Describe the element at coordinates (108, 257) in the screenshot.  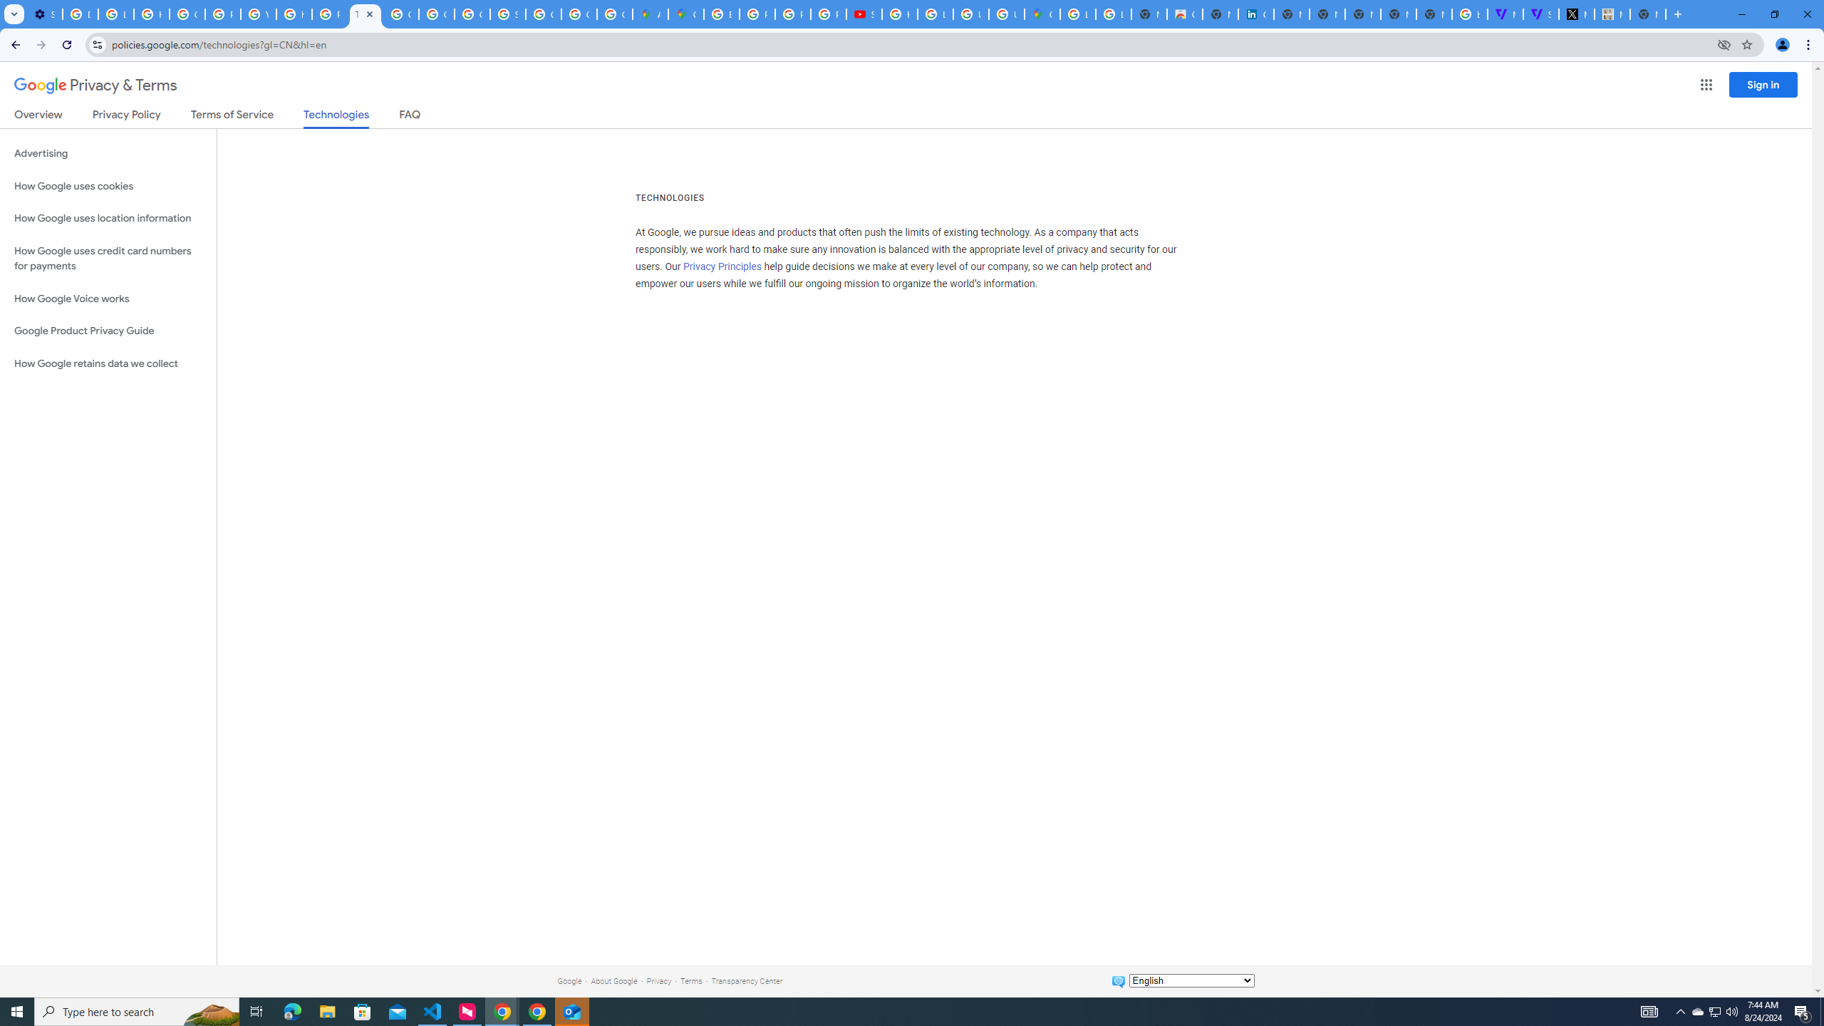
I see `'How Google uses credit card numbers for payments'` at that location.